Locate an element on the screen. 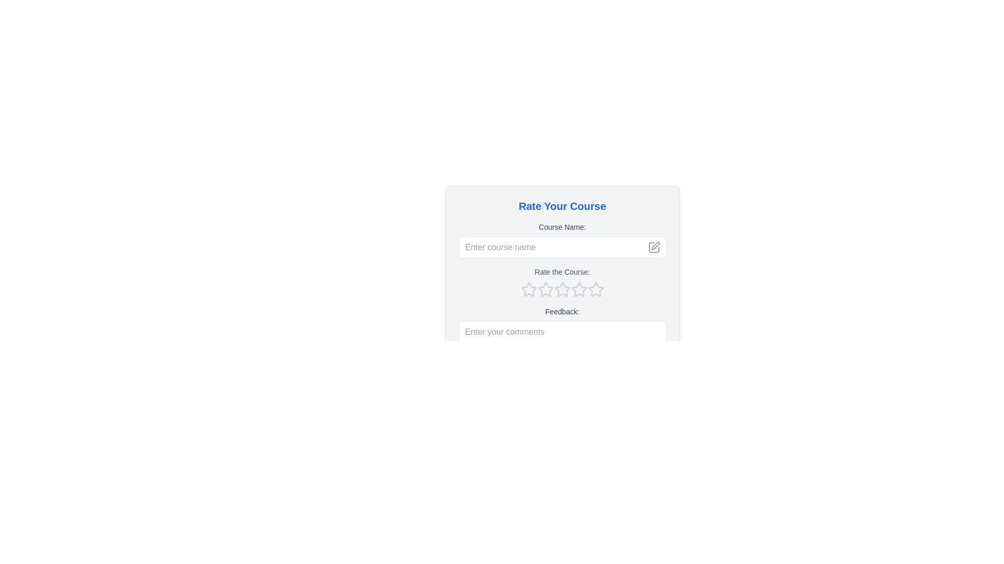  over the row of five outlined star icons in the Rating component is located at coordinates (562, 290).